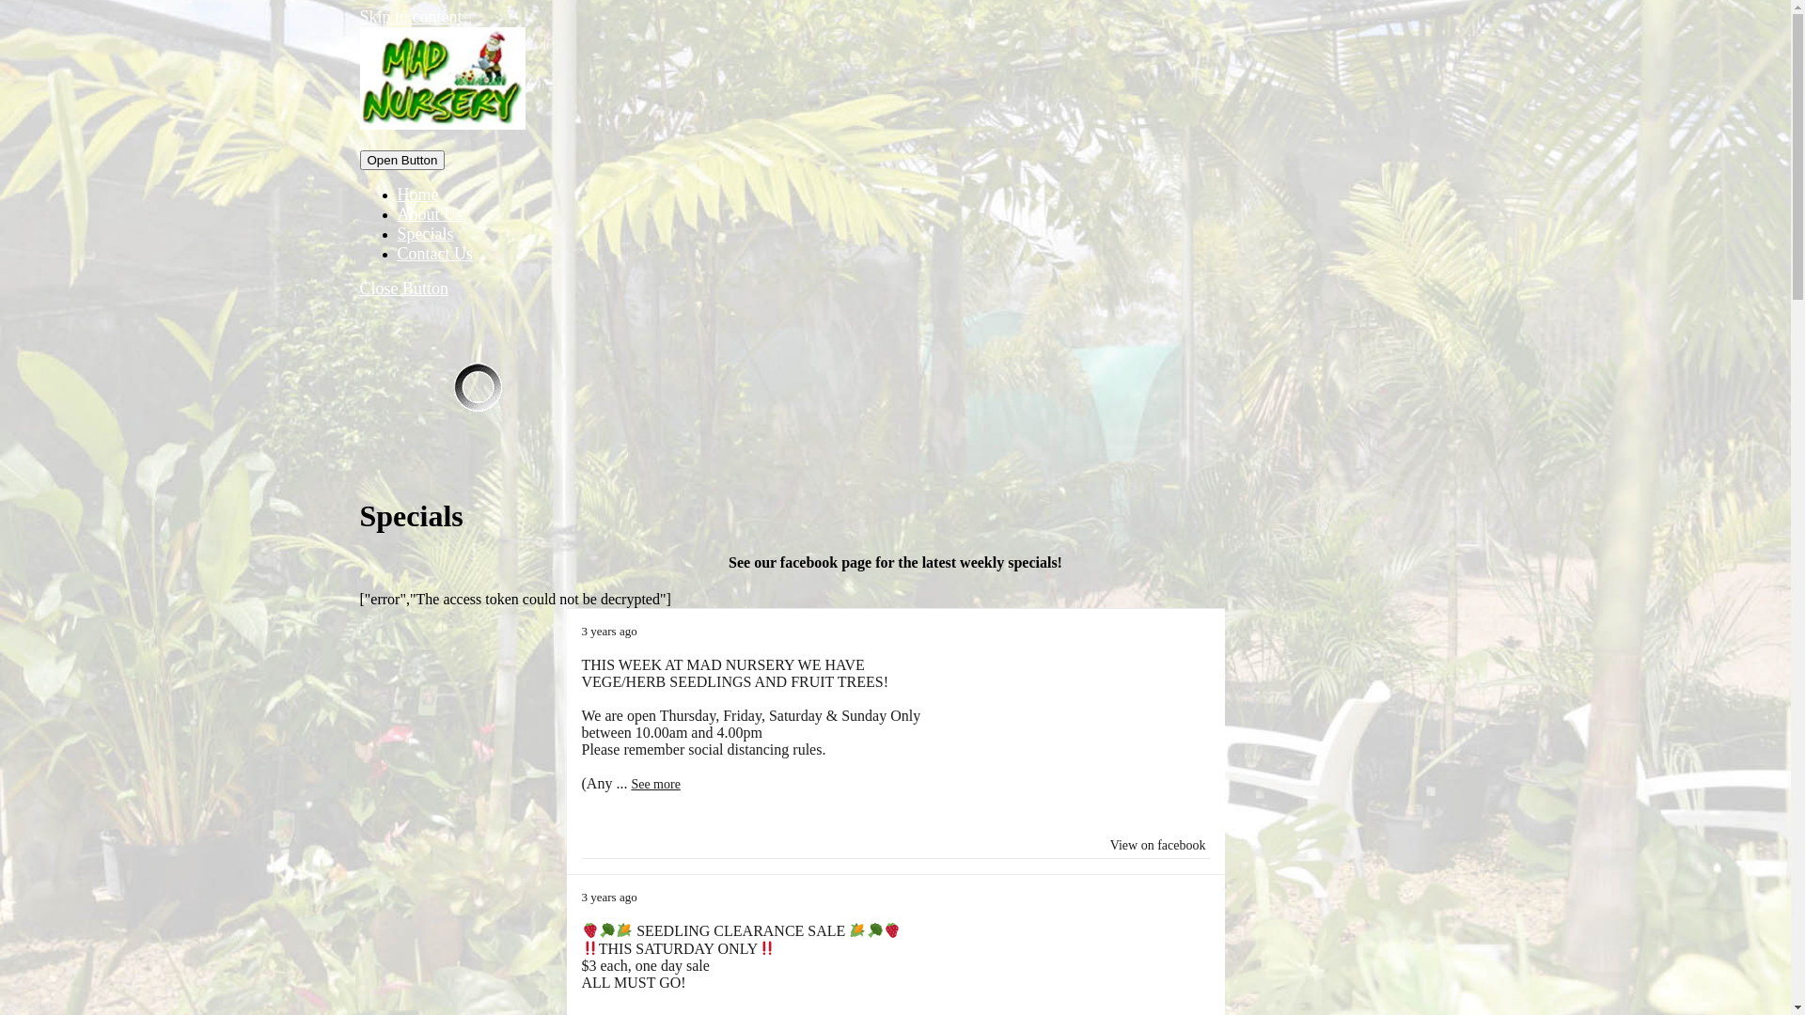 This screenshot has width=1805, height=1015. I want to click on 'Specials', so click(423, 233).